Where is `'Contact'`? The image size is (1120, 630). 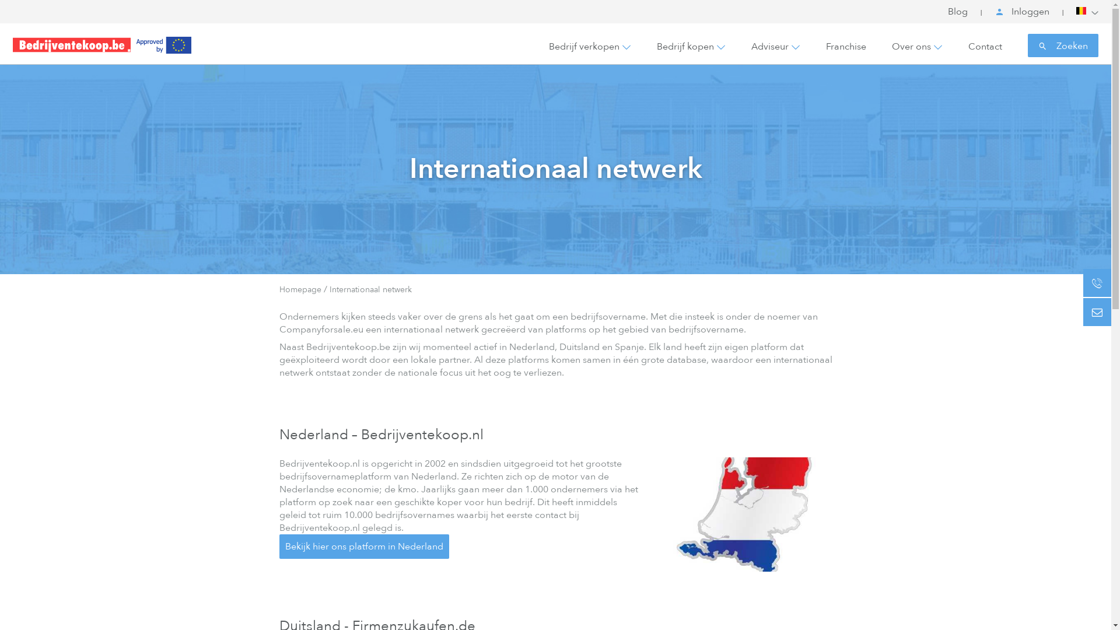
'Contact' is located at coordinates (985, 46).